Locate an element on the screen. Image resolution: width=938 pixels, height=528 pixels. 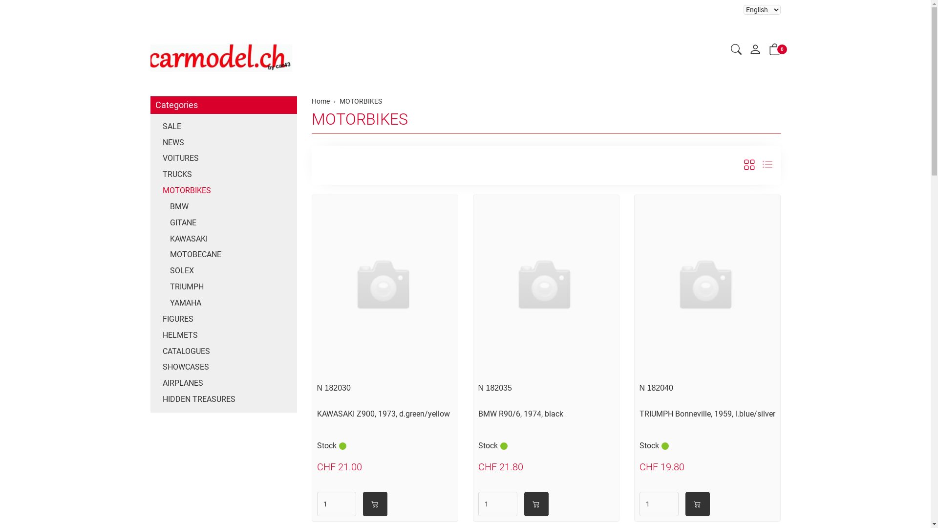
'SHOWCASES' is located at coordinates (154, 367).